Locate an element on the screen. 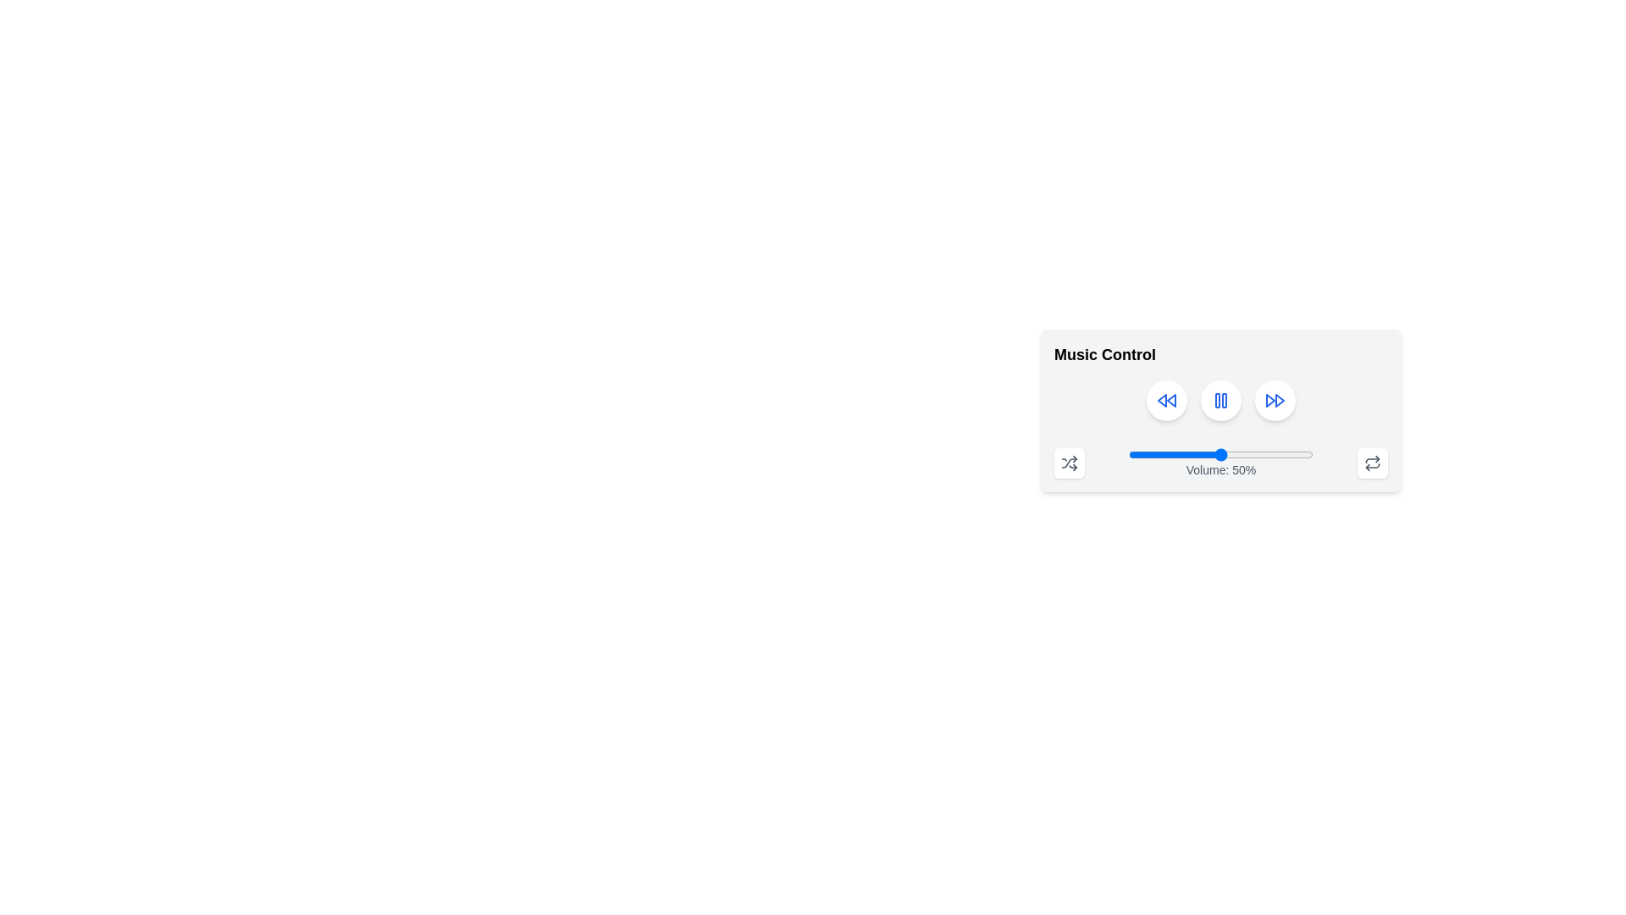 The image size is (1626, 915). the blue fast-forward icon button in the music control interface is located at coordinates (1275, 401).